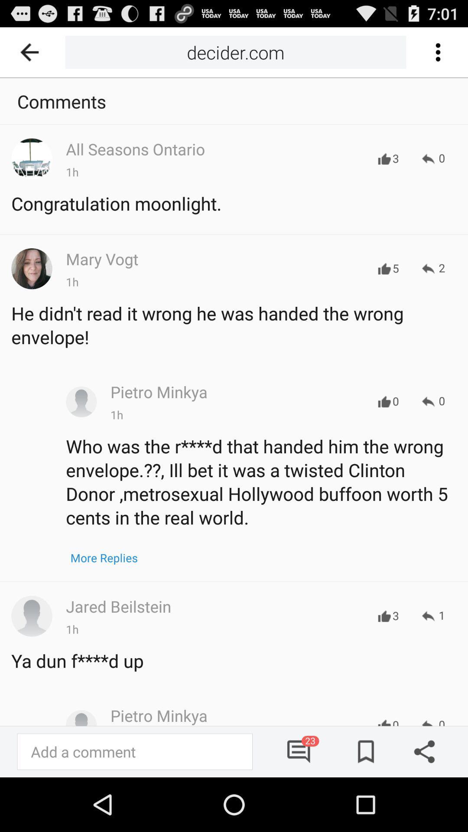 The width and height of the screenshot is (468, 832). I want to click on the third reply icon, so click(433, 401).